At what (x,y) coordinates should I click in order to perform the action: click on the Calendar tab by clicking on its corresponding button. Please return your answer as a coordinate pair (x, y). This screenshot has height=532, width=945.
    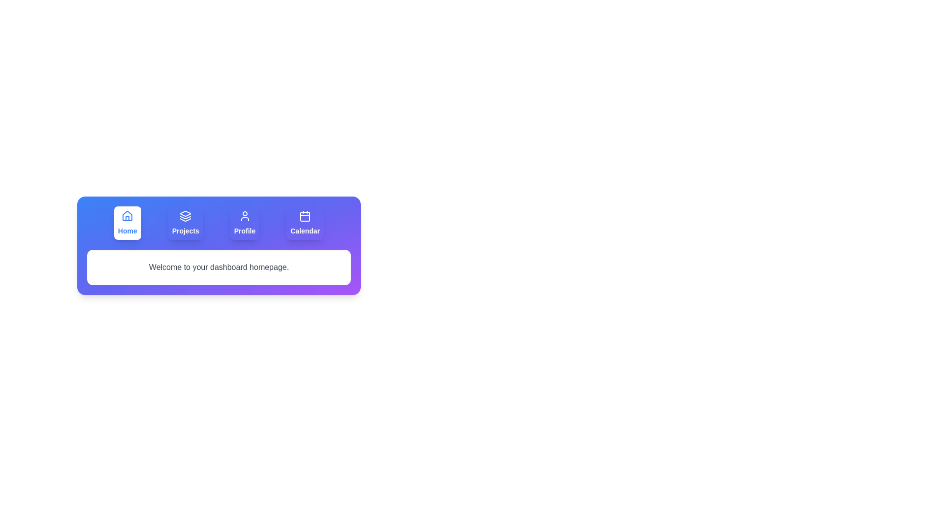
    Looking at the image, I should click on (304, 223).